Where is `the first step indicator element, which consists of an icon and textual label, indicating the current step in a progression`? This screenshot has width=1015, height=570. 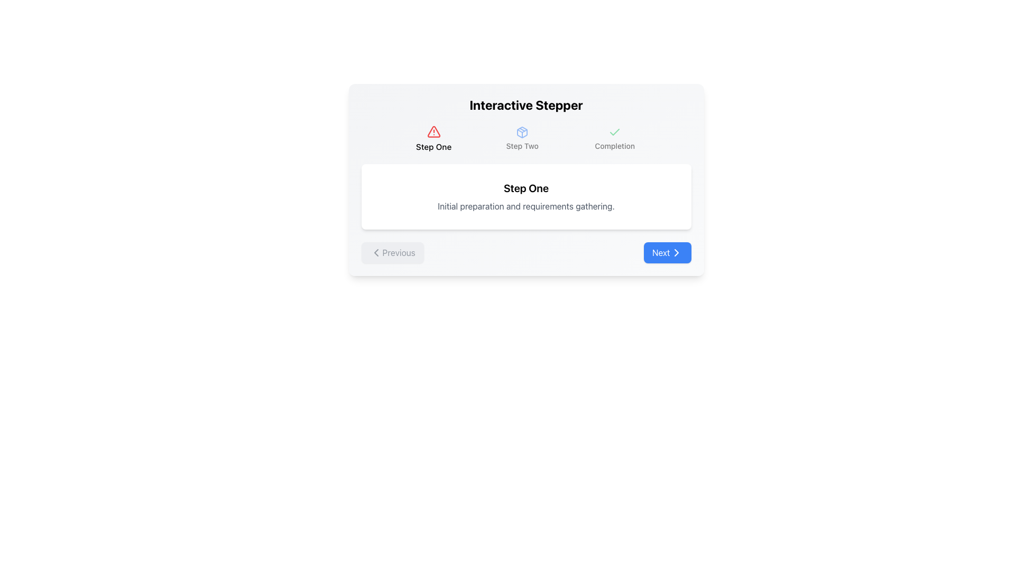 the first step indicator element, which consists of an icon and textual label, indicating the current step in a progression is located at coordinates (433, 138).